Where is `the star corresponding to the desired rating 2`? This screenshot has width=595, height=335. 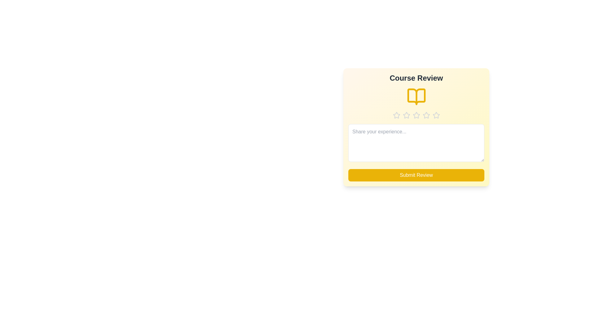 the star corresponding to the desired rating 2 is located at coordinates (406, 115).